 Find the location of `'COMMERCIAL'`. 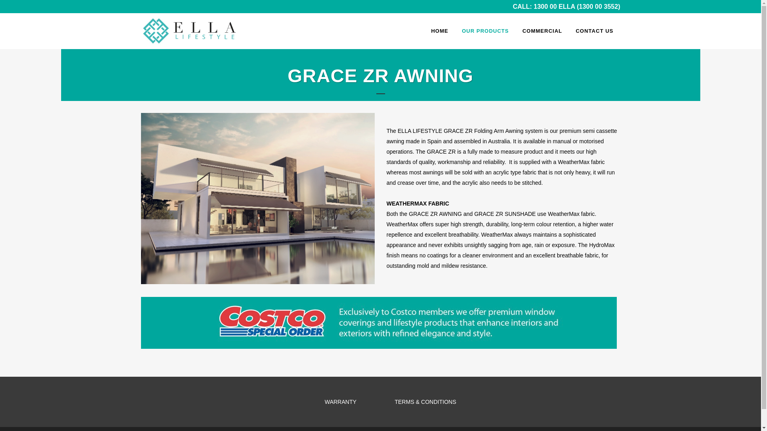

'COMMERCIAL' is located at coordinates (542, 30).